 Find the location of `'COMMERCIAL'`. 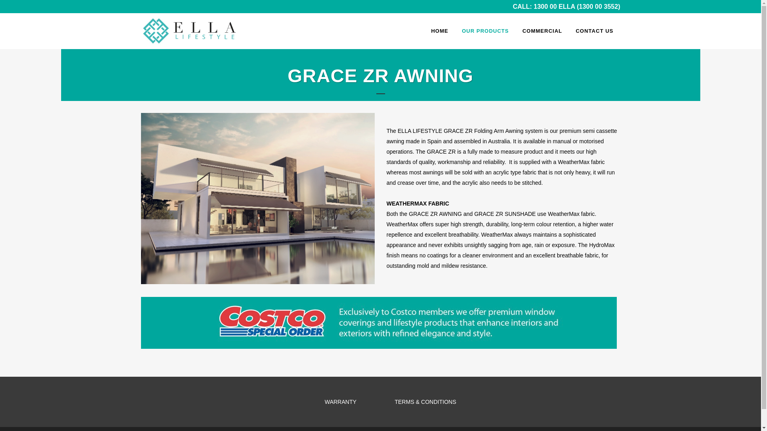

'COMMERCIAL' is located at coordinates (542, 30).